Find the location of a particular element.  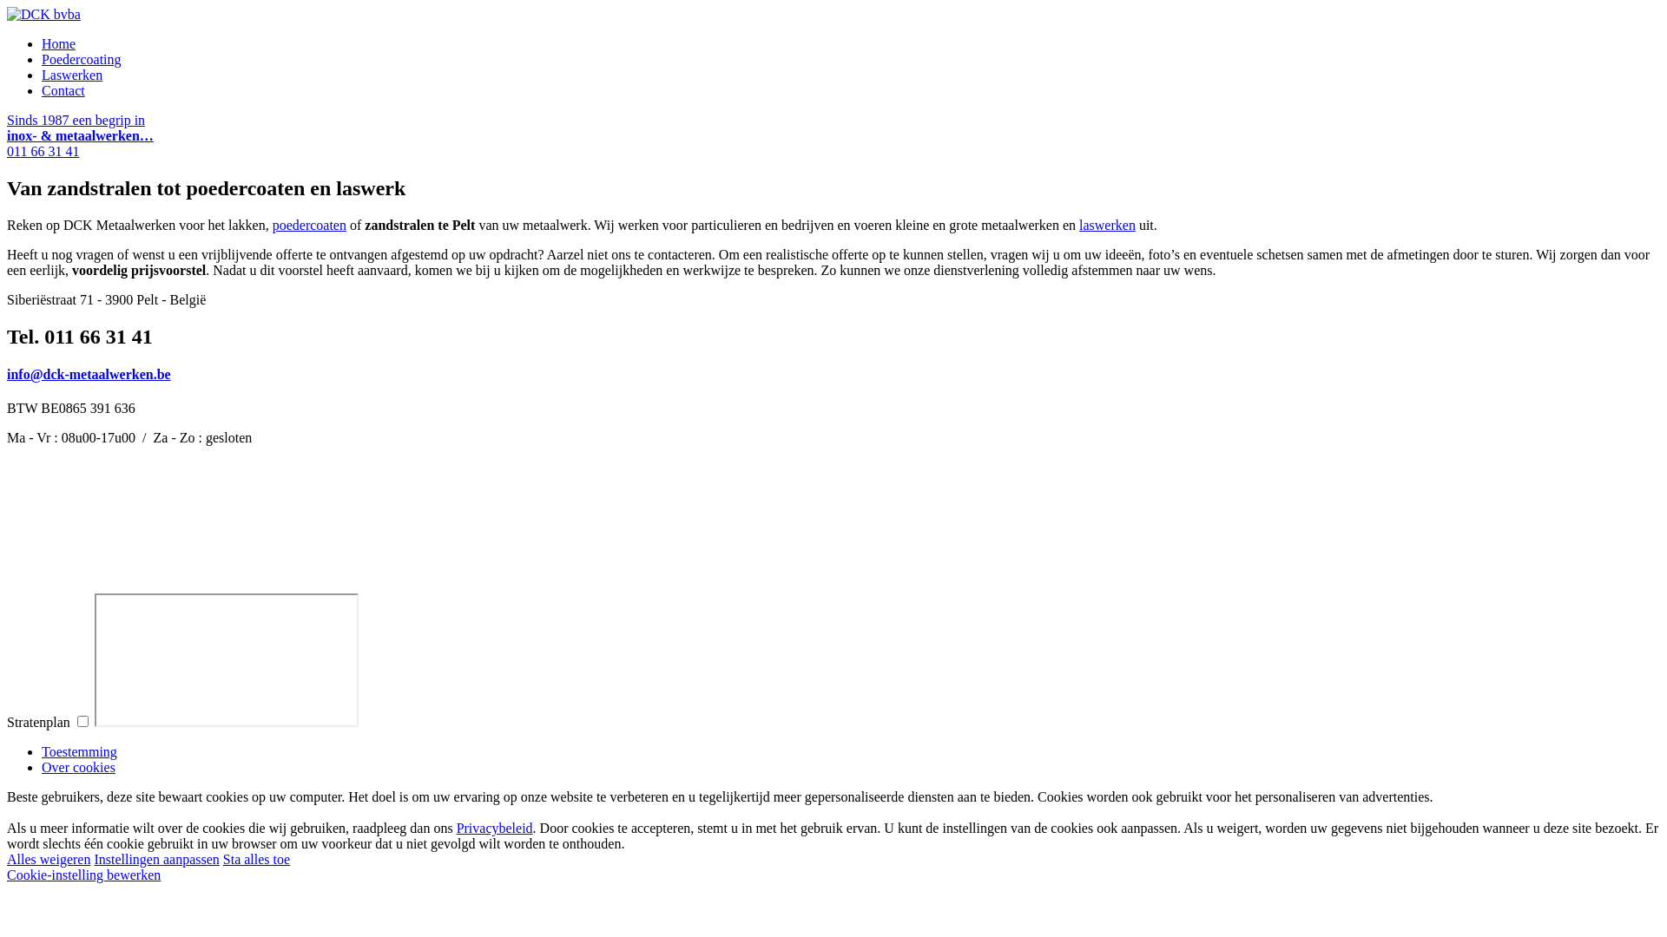

'Contact' is located at coordinates (63, 90).